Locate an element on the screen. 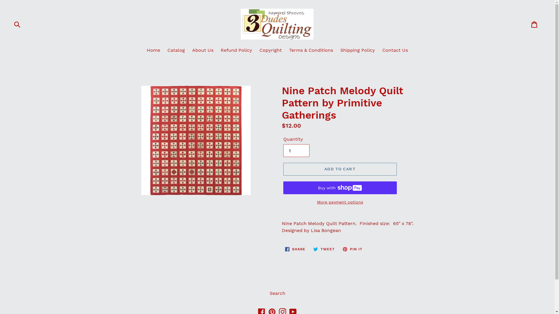 This screenshot has width=559, height=314. 'SHARE is located at coordinates (295, 249).